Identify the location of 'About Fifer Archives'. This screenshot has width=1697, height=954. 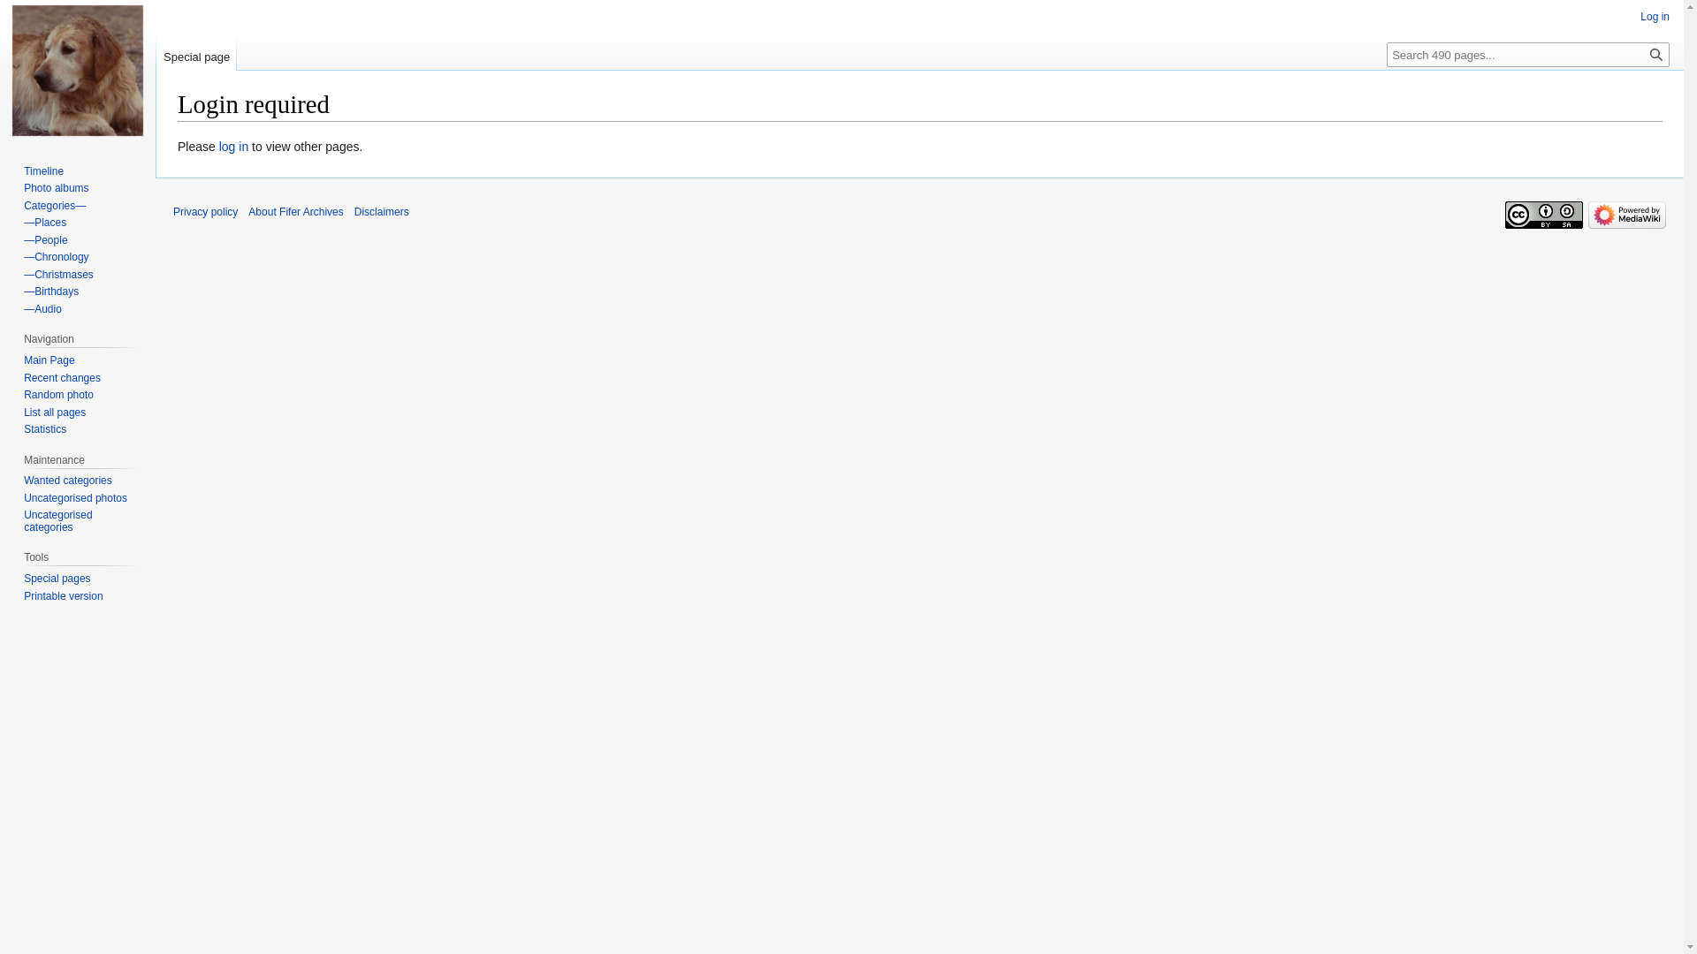
(295, 210).